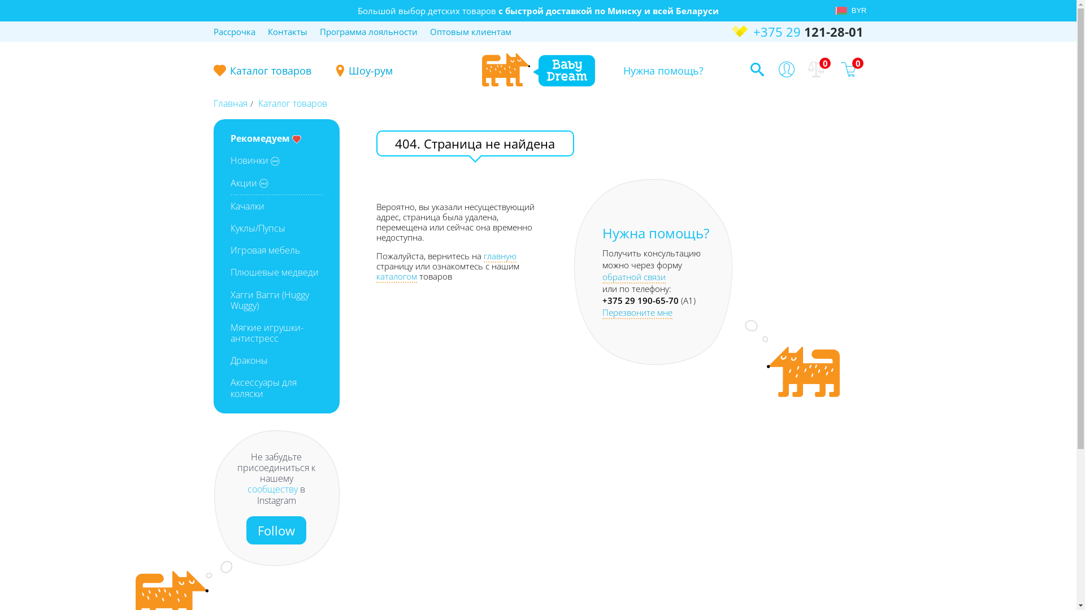 This screenshot has height=610, width=1085. I want to click on 'BYR', so click(856, 11).